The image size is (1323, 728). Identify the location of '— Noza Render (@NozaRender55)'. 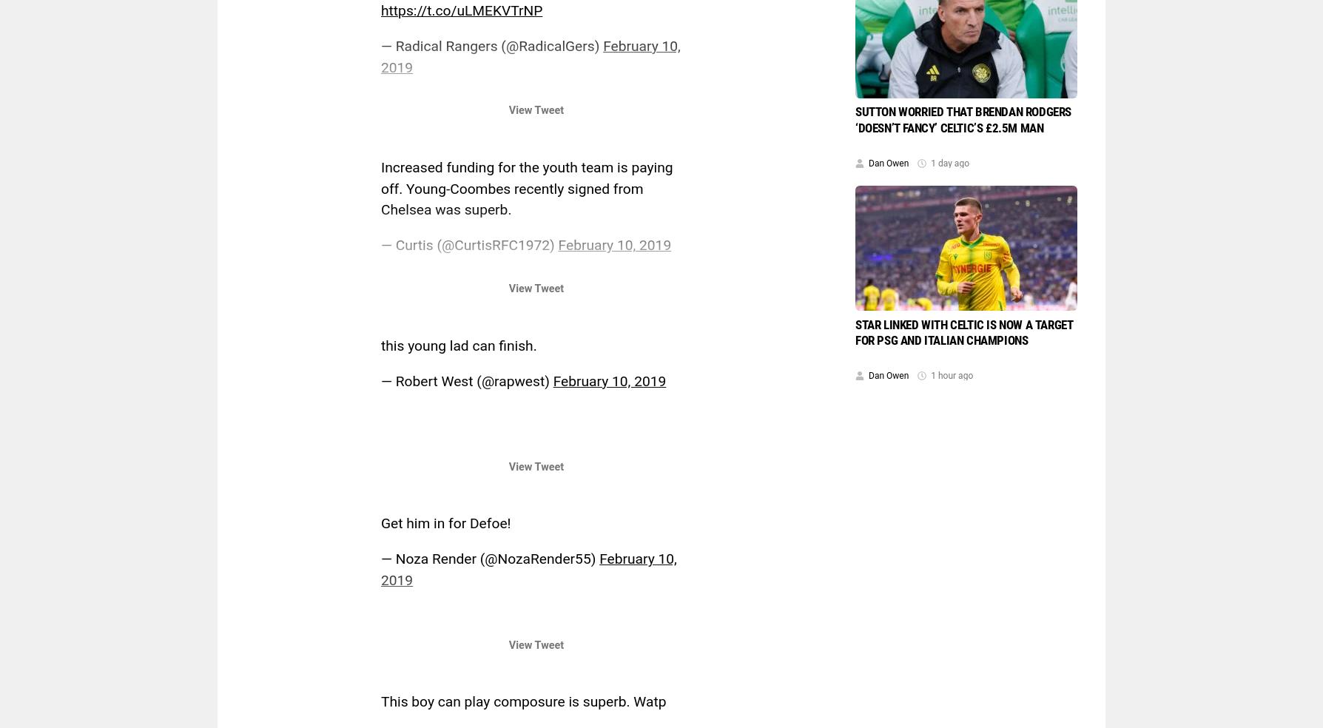
(490, 558).